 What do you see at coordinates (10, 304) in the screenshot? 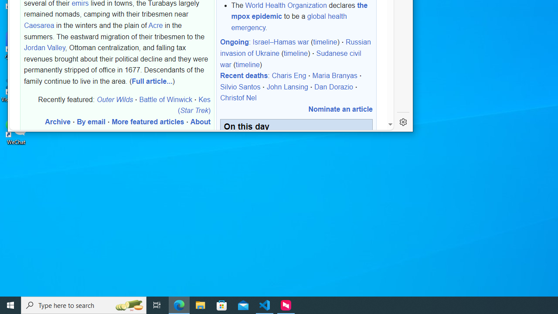
I see `'Start'` at bounding box center [10, 304].